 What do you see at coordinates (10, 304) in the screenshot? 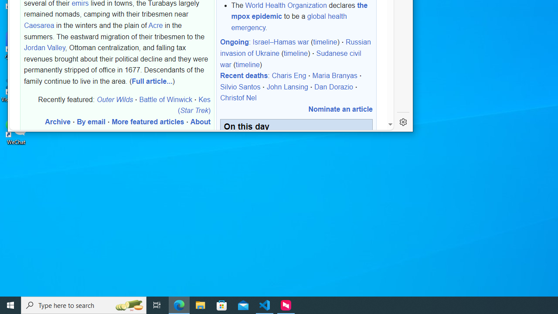
I see `'Start'` at bounding box center [10, 304].